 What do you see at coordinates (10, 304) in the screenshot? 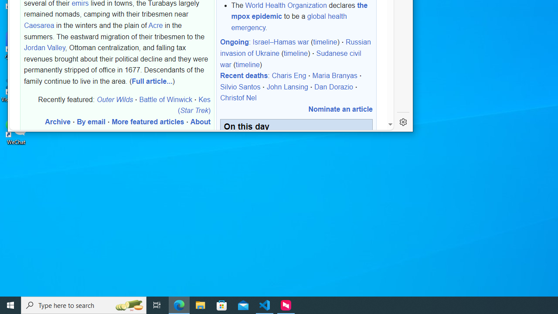
I see `'Start'` at bounding box center [10, 304].